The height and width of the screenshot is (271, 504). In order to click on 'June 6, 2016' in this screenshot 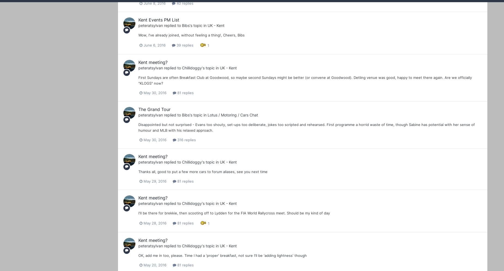, I will do `click(144, 45)`.